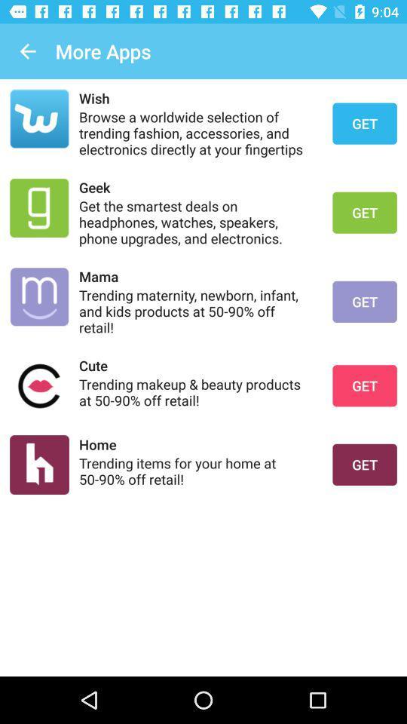  I want to click on item to the left of more apps item, so click(27, 51).